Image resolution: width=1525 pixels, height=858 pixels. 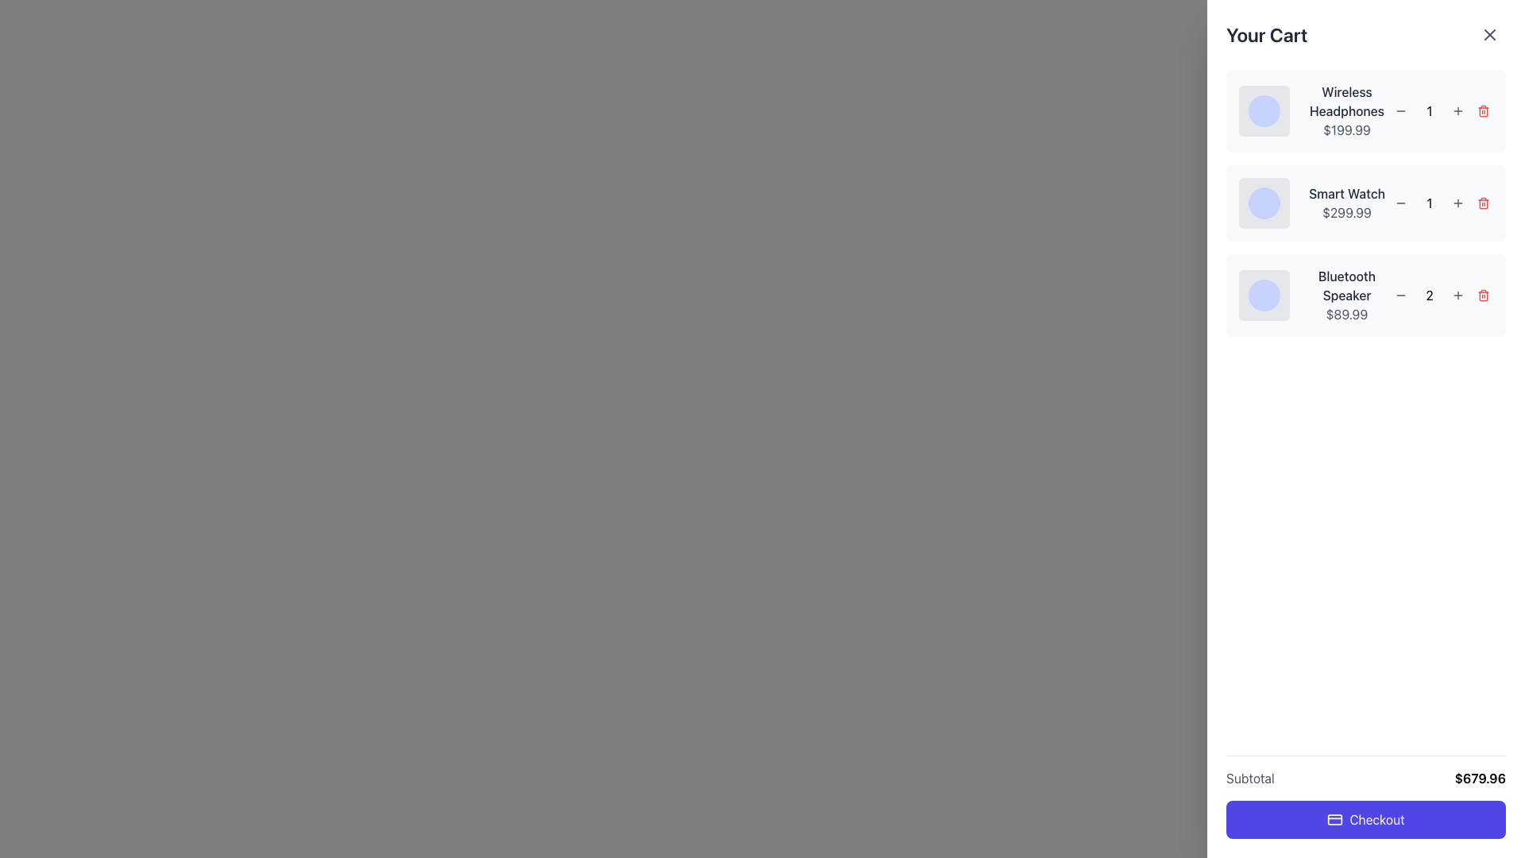 What do you see at coordinates (1458, 110) in the screenshot?
I see `the Icon Button with Plus icon located to the right of the quantity display ('1') and the minus button ('−') in the uppermost item section of the cart to observe the hover effect` at bounding box center [1458, 110].